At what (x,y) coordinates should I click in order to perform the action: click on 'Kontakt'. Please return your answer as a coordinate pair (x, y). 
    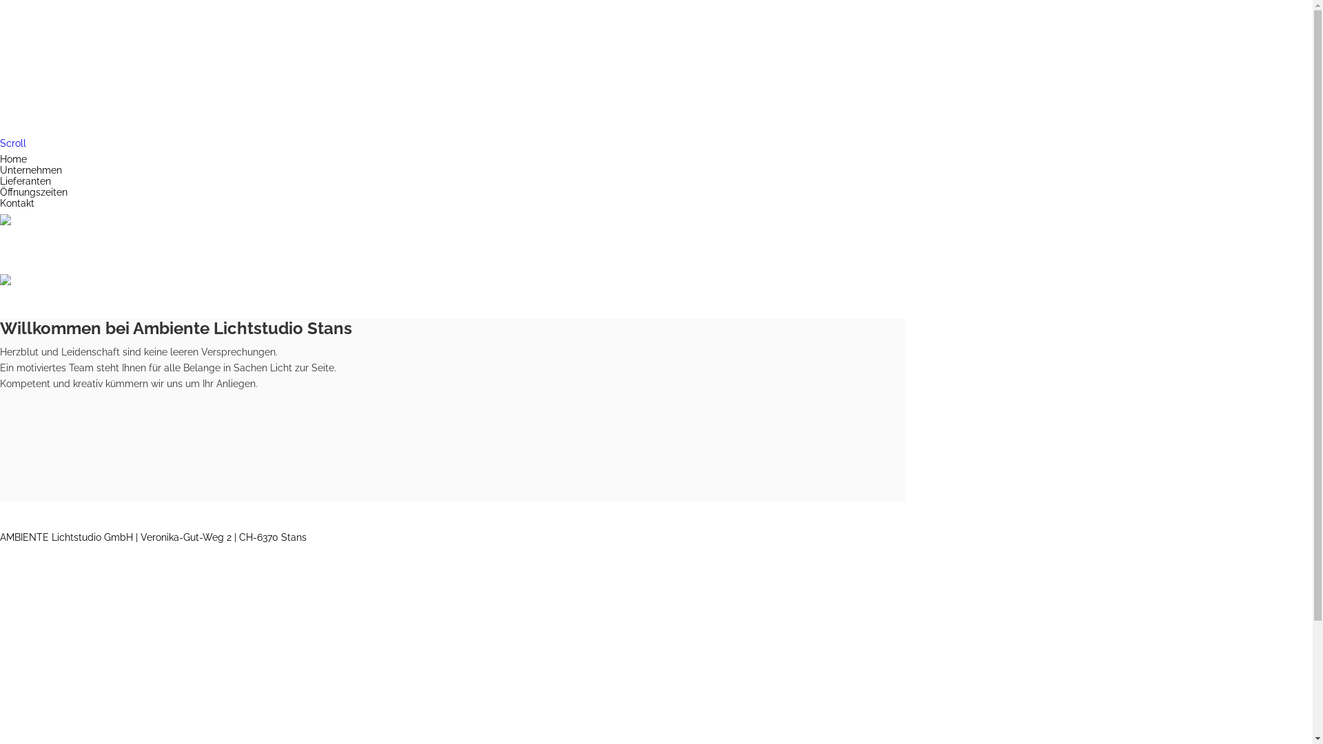
    Looking at the image, I should click on (17, 203).